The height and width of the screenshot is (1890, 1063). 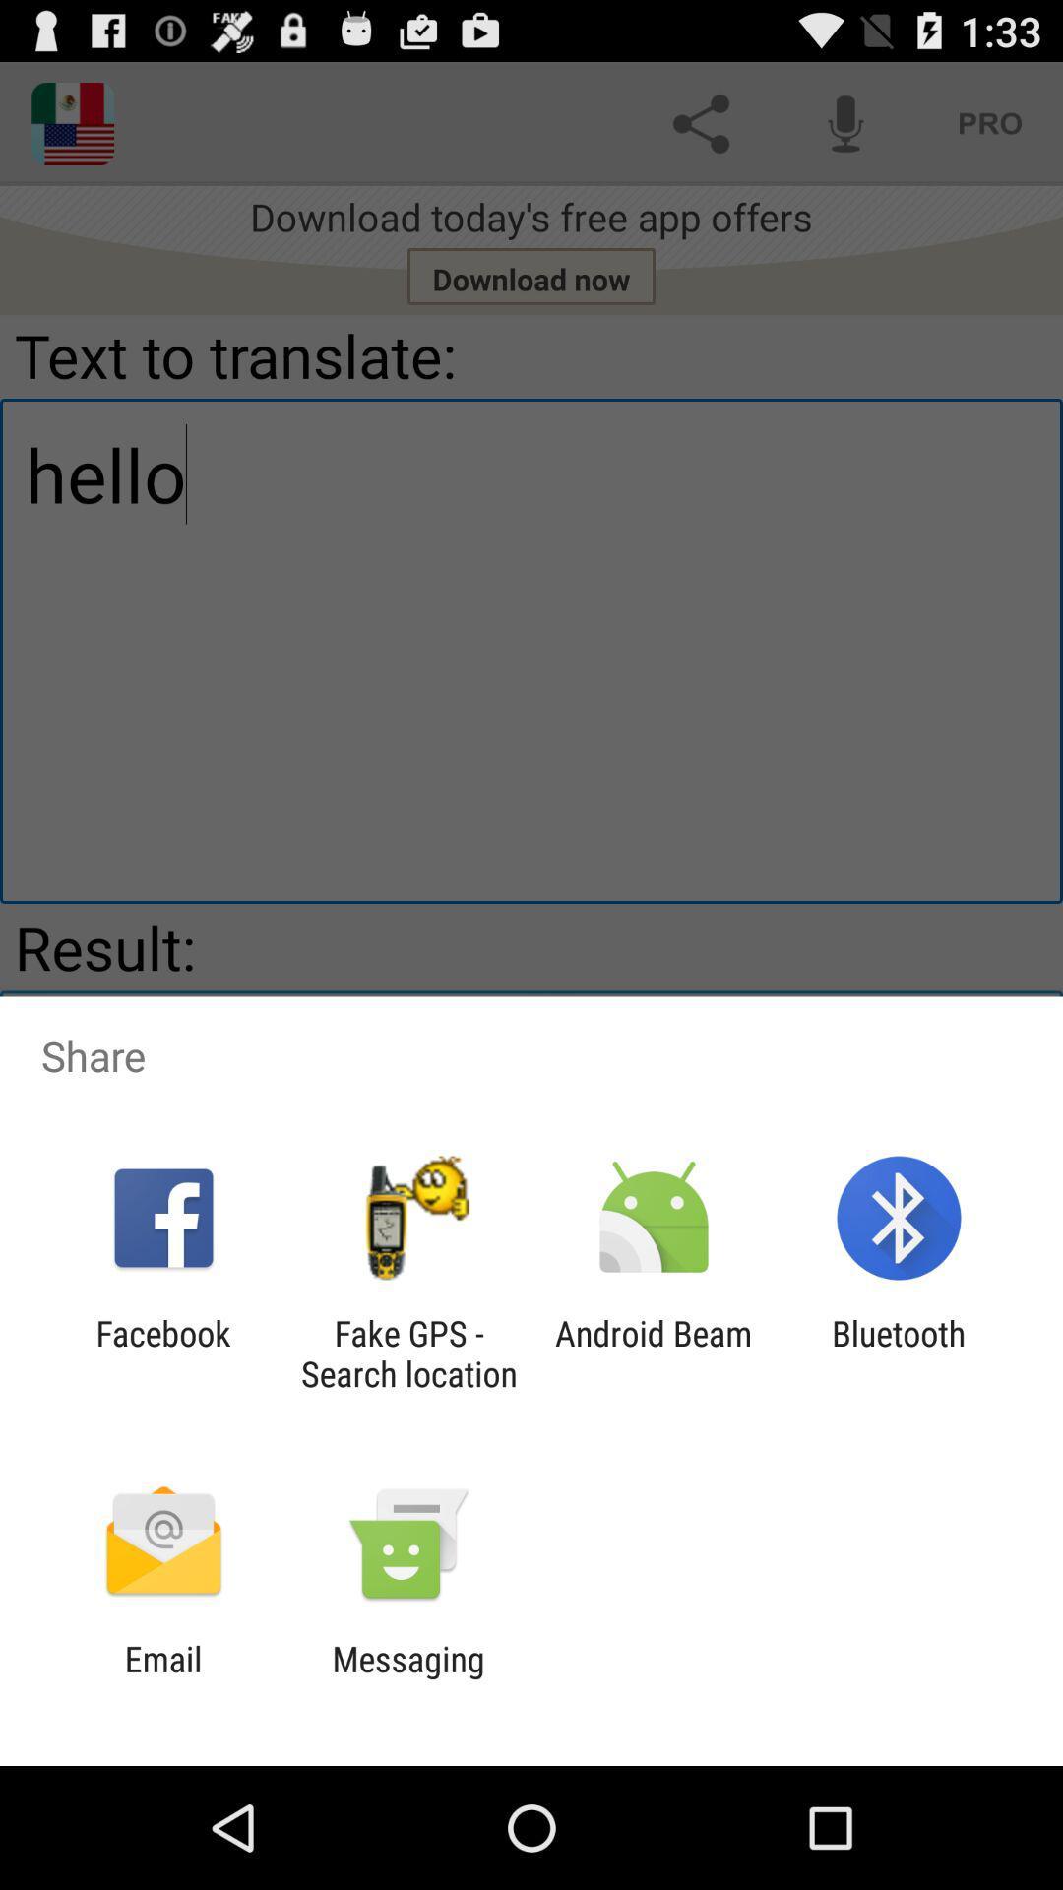 What do you see at coordinates (899, 1353) in the screenshot?
I see `item at the bottom right corner` at bounding box center [899, 1353].